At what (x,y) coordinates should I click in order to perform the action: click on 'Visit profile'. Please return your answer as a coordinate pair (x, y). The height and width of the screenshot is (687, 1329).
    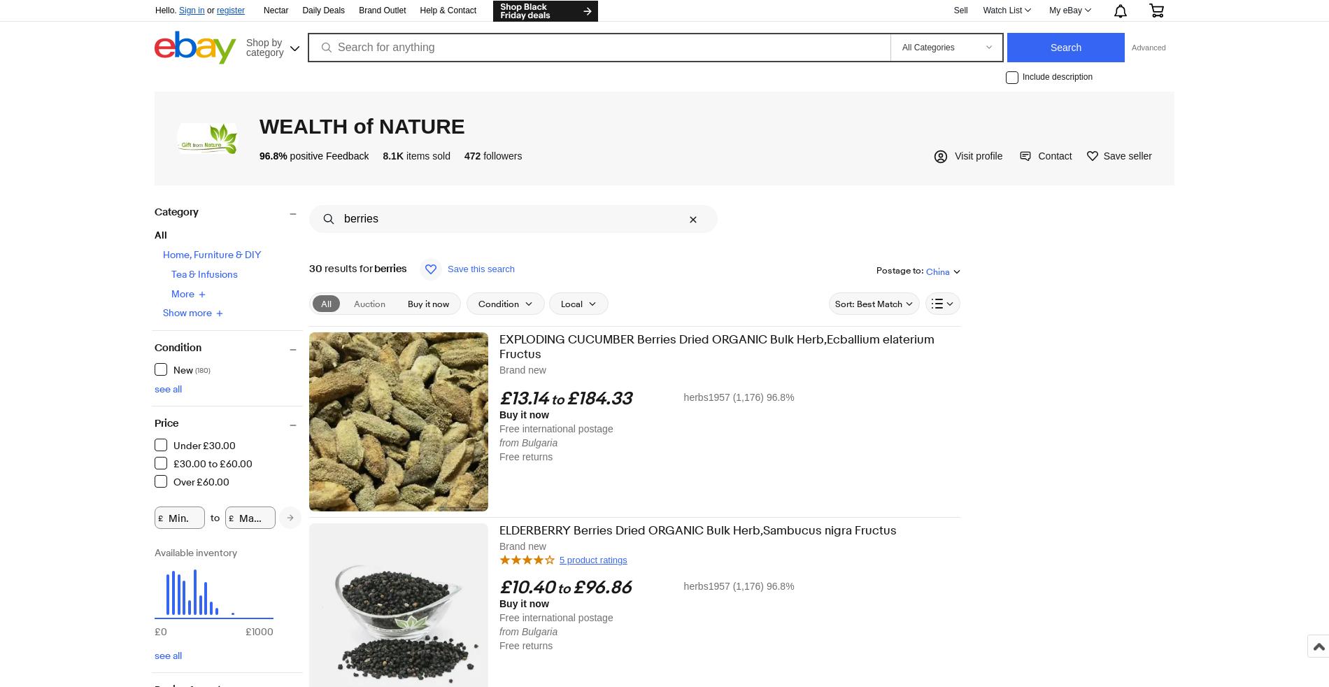
    Looking at the image, I should click on (977, 155).